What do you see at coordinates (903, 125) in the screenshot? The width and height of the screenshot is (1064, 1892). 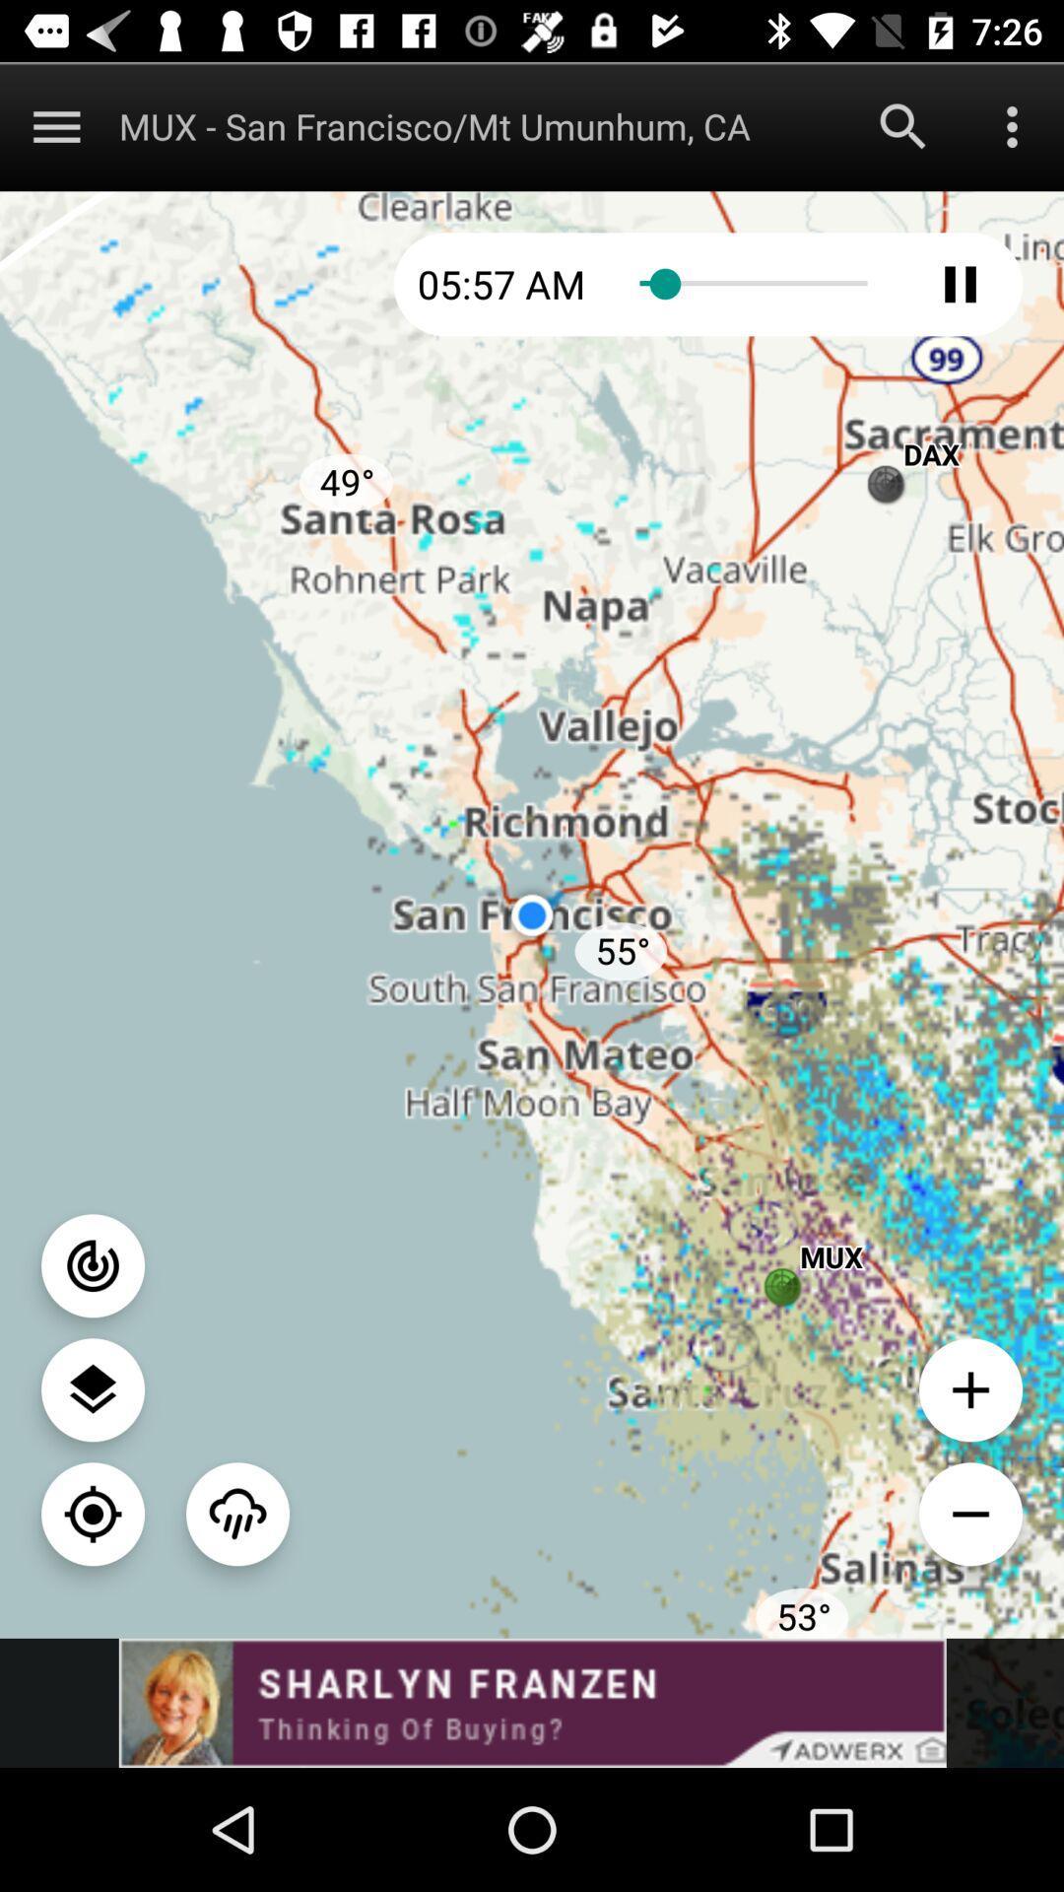 I see `search button` at bounding box center [903, 125].